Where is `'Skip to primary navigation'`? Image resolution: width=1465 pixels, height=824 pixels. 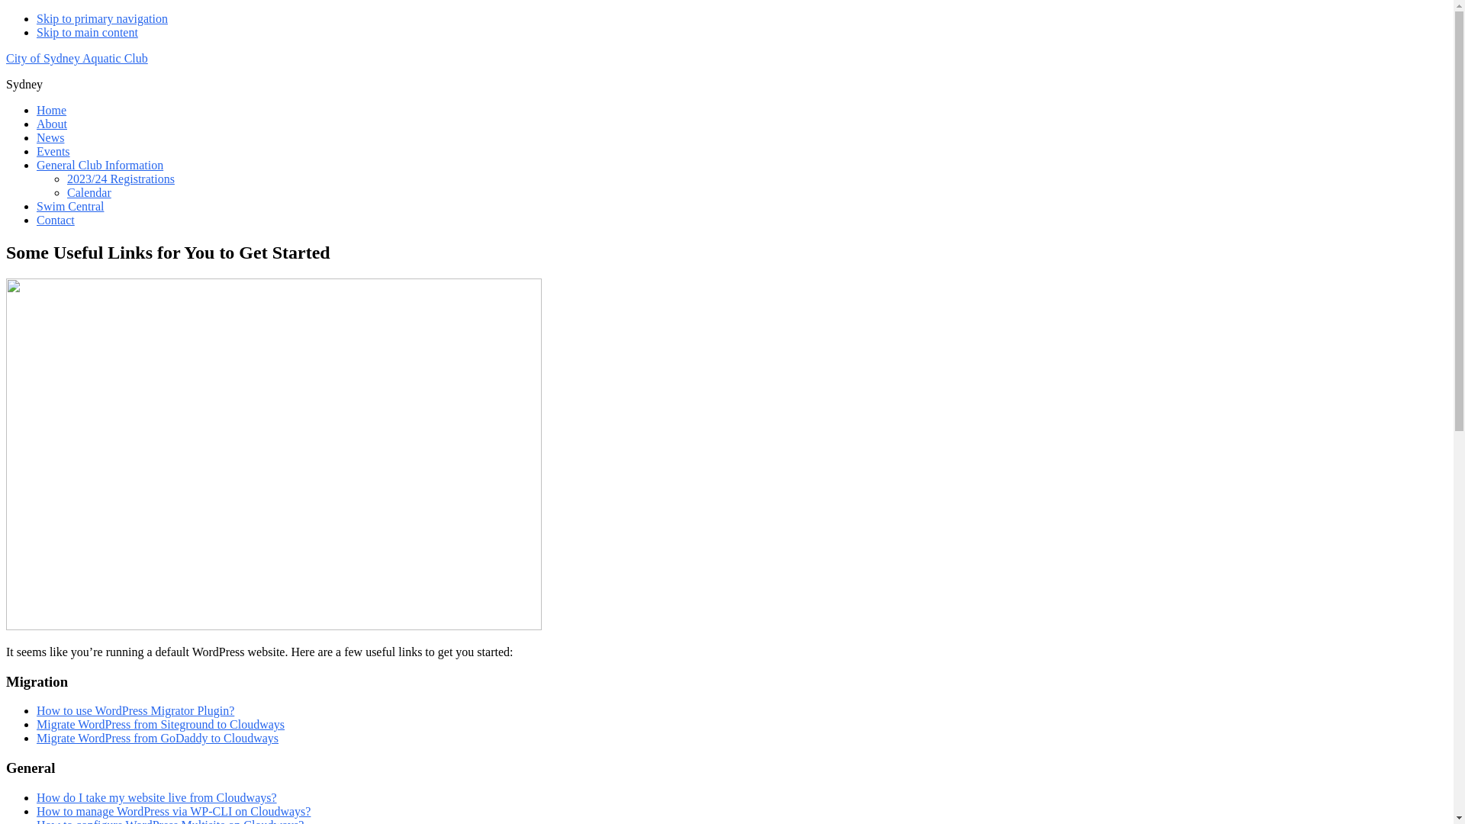 'Skip to primary navigation' is located at coordinates (101, 18).